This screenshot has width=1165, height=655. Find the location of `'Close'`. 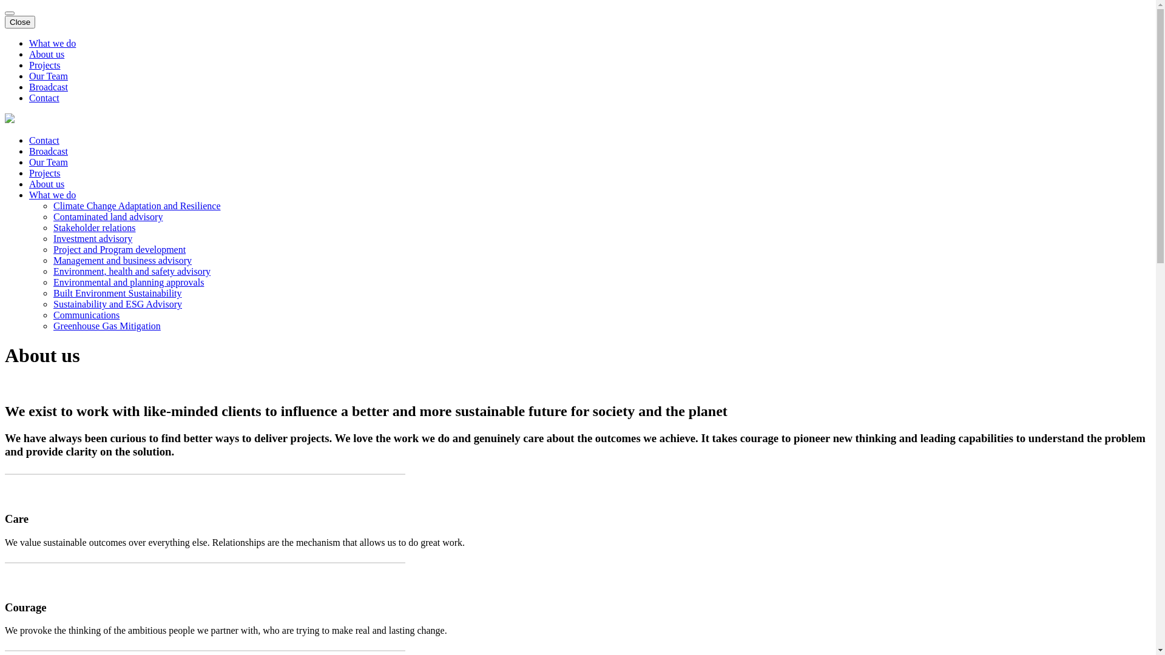

'Close' is located at coordinates (20, 22).